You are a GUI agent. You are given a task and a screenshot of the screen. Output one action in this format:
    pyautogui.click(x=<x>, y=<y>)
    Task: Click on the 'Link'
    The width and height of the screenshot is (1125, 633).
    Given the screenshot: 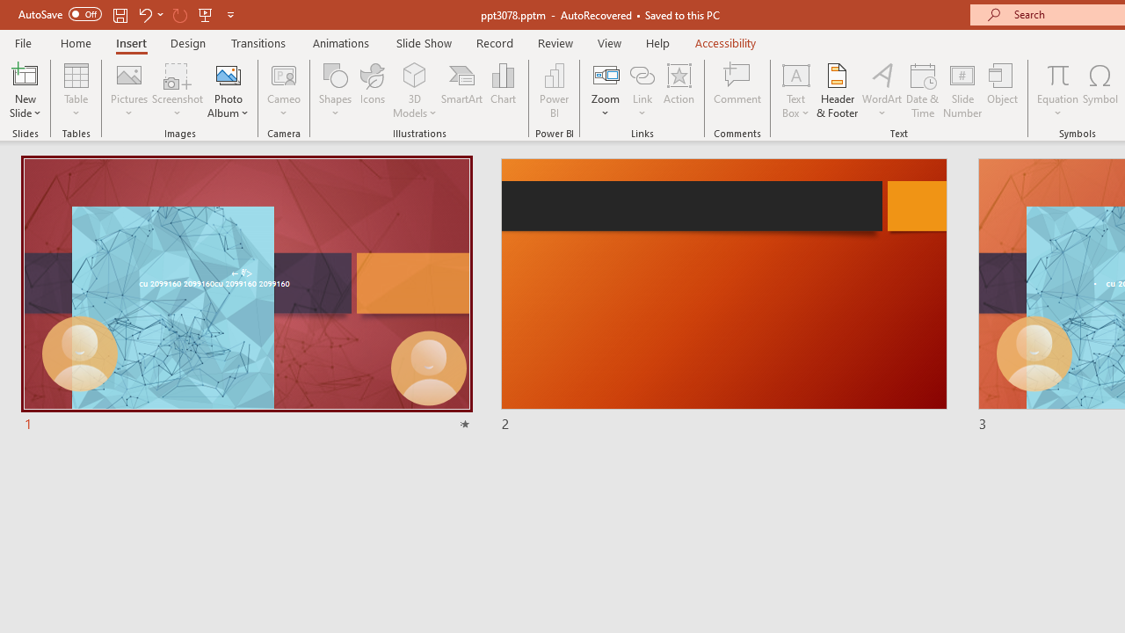 What is the action you would take?
    pyautogui.click(x=642, y=91)
    